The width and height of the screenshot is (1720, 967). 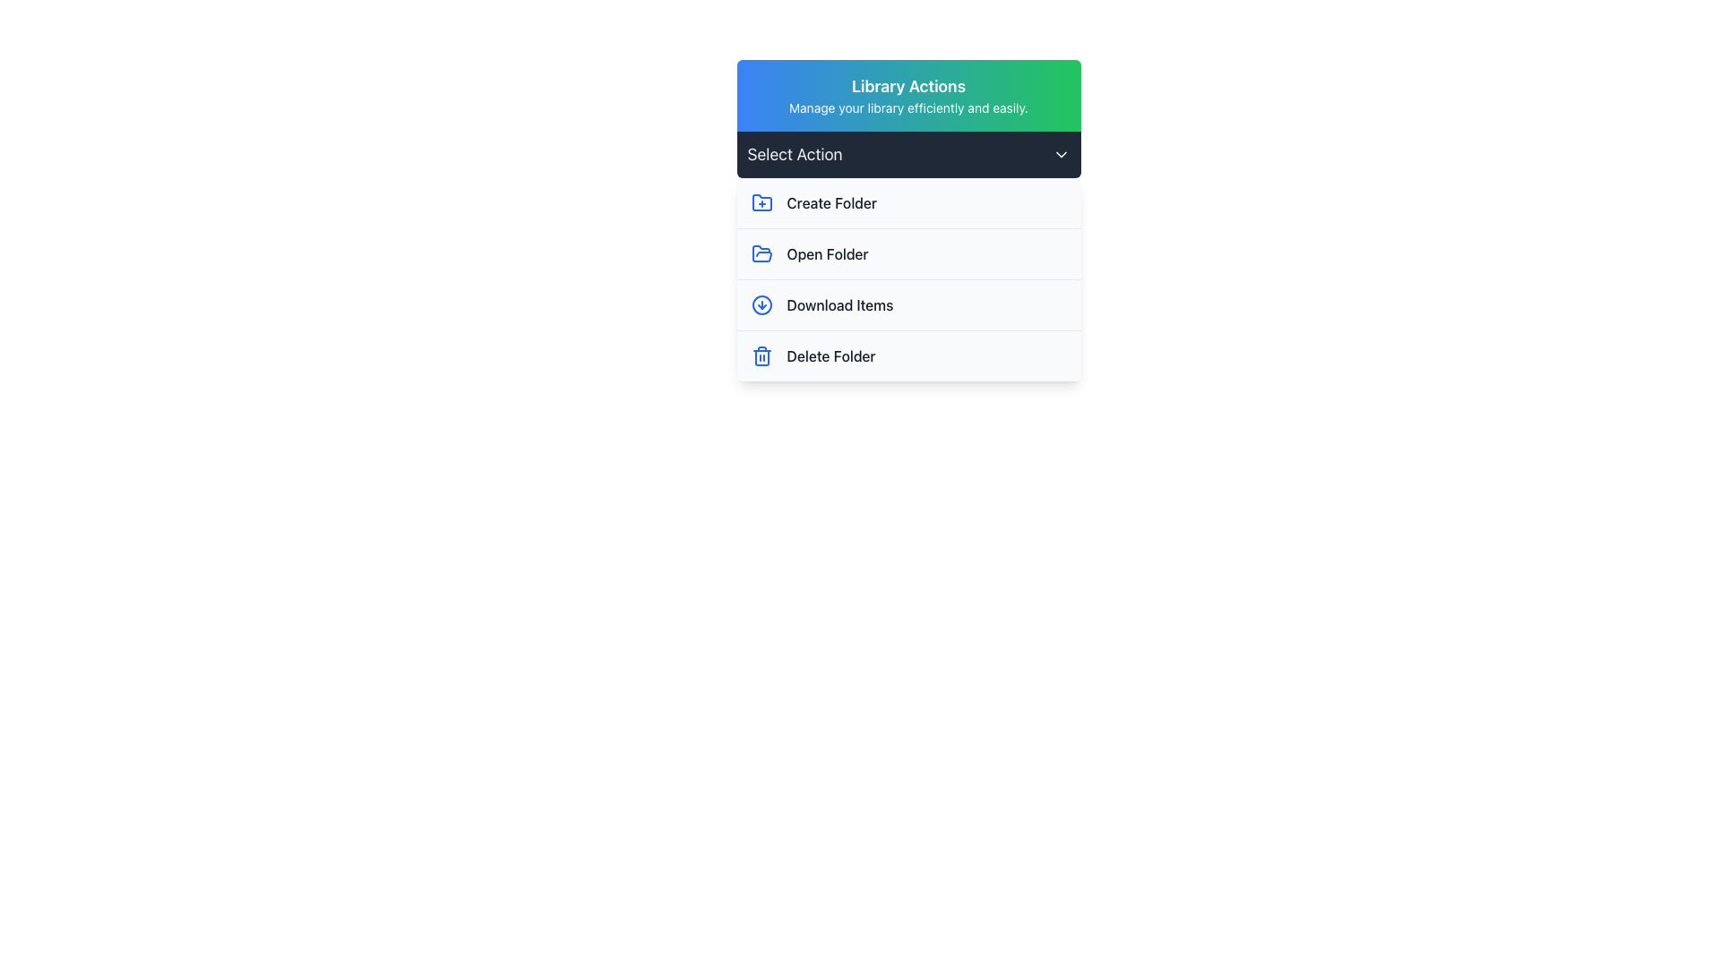 What do you see at coordinates (794, 154) in the screenshot?
I see `the prominently styled text label 'Select Action' which is displayed in white against a dark background, located at the top-left corner of the interface, to the left of the chevron-down icon` at bounding box center [794, 154].